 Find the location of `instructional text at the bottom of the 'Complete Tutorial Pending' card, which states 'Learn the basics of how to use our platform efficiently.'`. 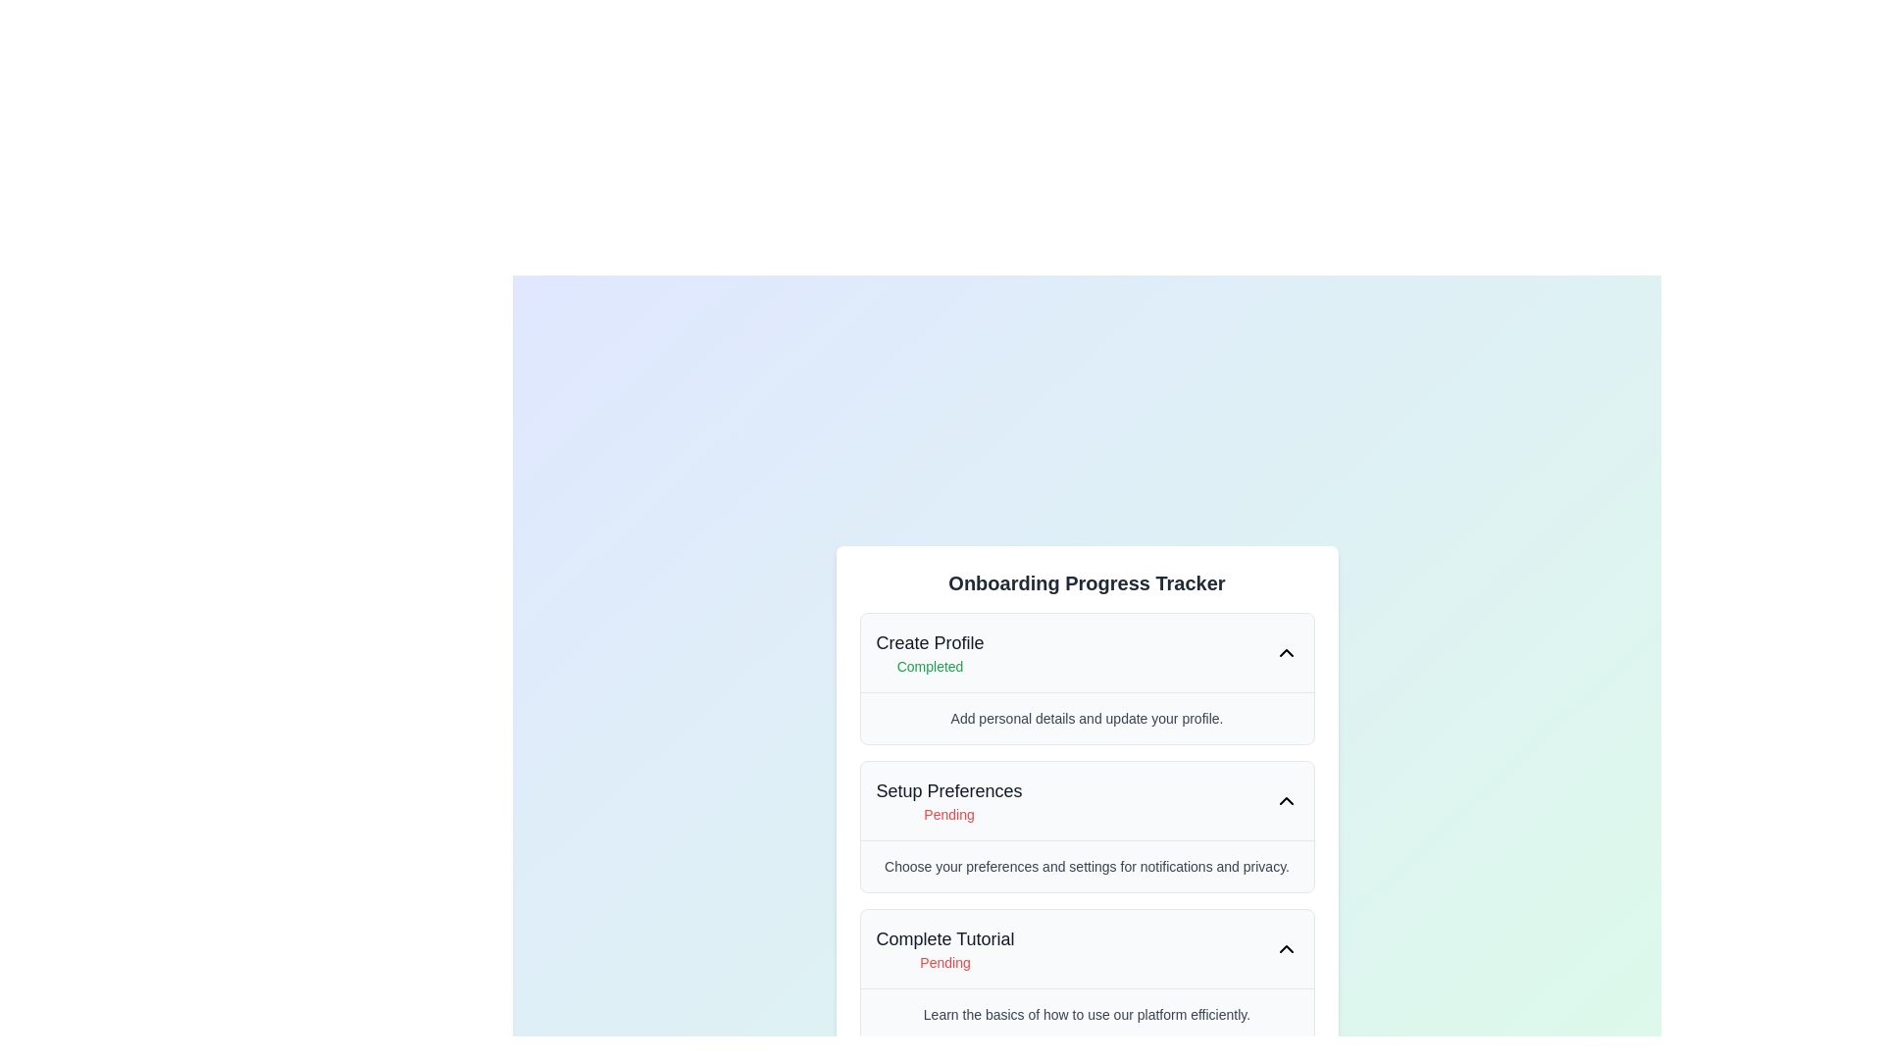

instructional text at the bottom of the 'Complete Tutorial Pending' card, which states 'Learn the basics of how to use our platform efficiently.' is located at coordinates (1086, 1014).